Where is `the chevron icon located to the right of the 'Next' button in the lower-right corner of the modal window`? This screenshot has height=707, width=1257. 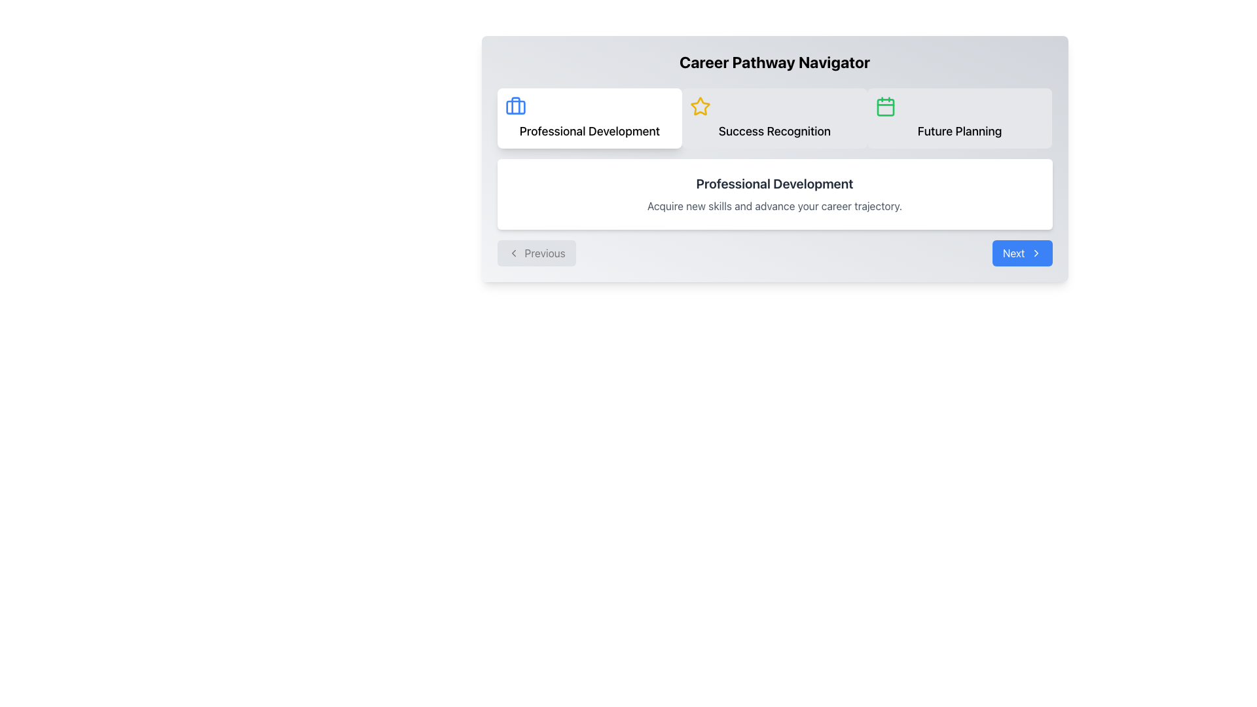 the chevron icon located to the right of the 'Next' button in the lower-right corner of the modal window is located at coordinates (1035, 253).